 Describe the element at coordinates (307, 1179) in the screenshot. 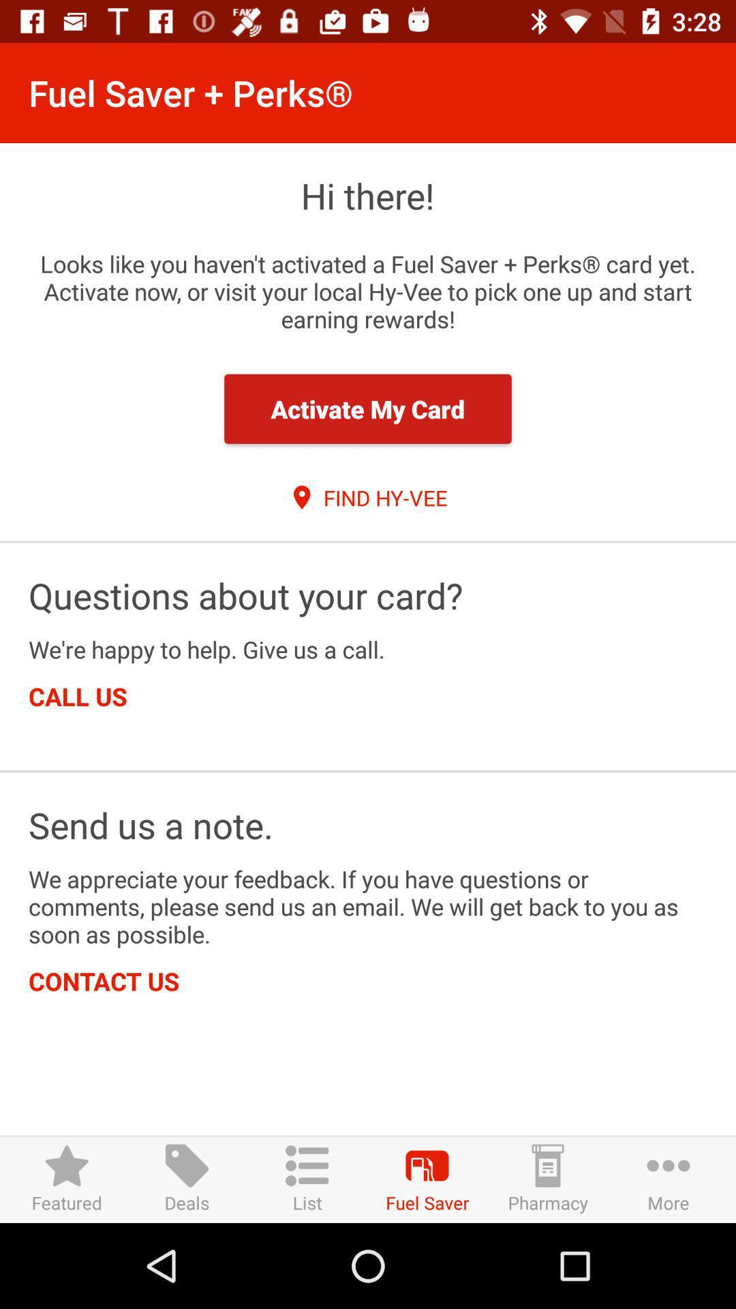

I see `the list item` at that location.